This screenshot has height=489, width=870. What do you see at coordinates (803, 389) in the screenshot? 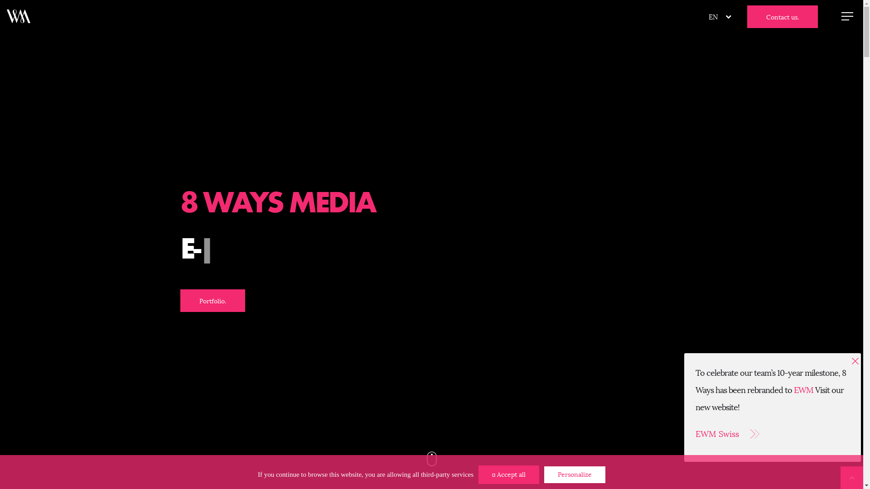
I see `'EWM'` at bounding box center [803, 389].